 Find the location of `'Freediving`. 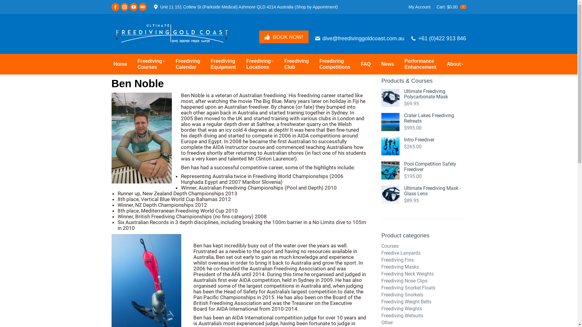

'Freediving is located at coordinates (284, 64).